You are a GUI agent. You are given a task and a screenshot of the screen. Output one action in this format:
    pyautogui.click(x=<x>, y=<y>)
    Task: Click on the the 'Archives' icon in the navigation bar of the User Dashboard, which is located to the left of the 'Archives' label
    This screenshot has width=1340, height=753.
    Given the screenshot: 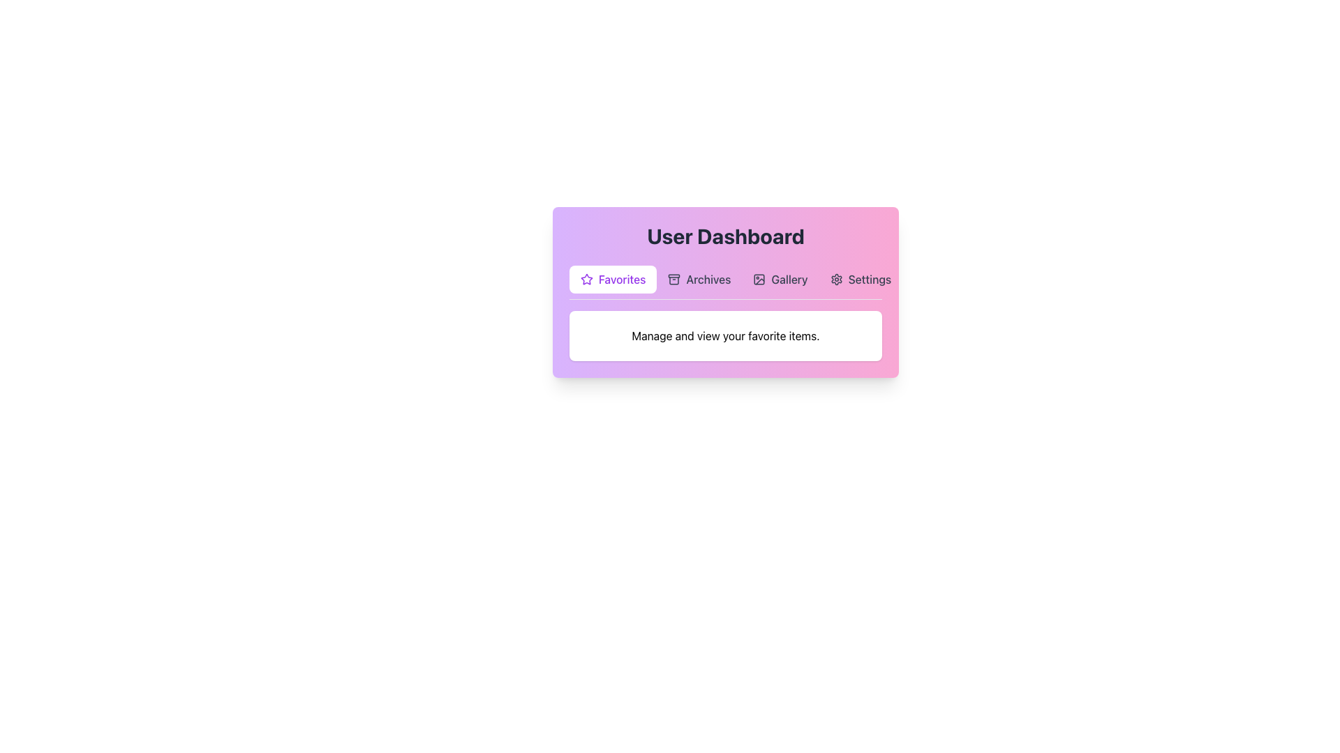 What is the action you would take?
    pyautogui.click(x=674, y=280)
    